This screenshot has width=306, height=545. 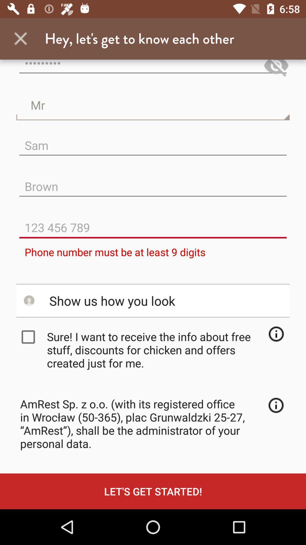 What do you see at coordinates (153, 182) in the screenshot?
I see `the item below sam icon` at bounding box center [153, 182].